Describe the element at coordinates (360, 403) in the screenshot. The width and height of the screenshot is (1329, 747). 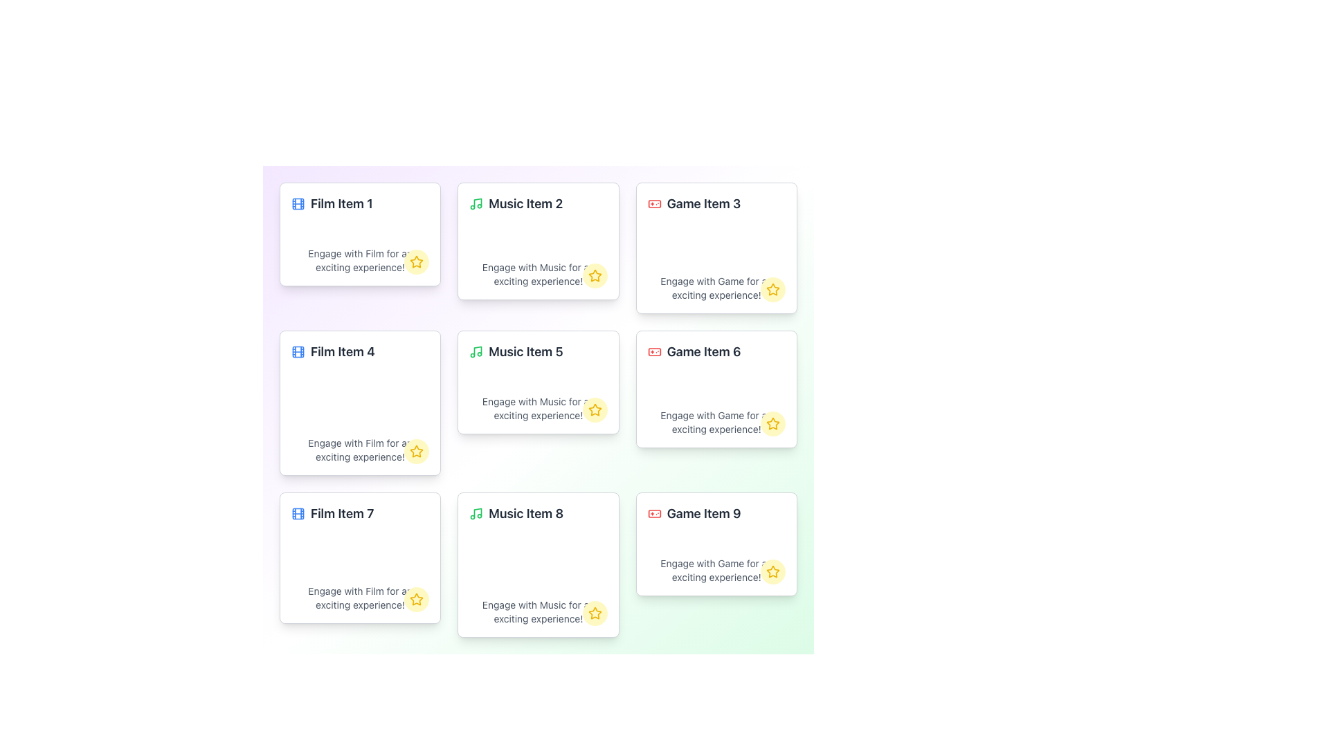
I see `the film category card located in the second row and first column of the grid layout` at that location.